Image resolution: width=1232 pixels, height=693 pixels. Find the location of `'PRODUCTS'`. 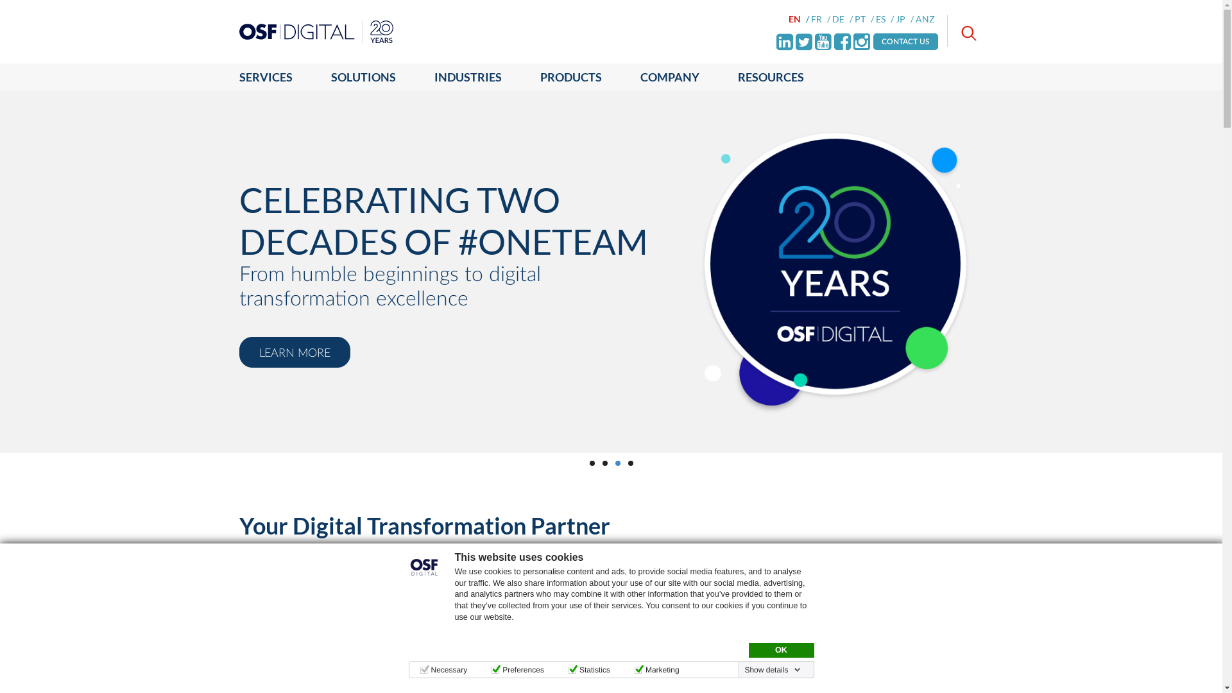

'PRODUCTS' is located at coordinates (570, 76).